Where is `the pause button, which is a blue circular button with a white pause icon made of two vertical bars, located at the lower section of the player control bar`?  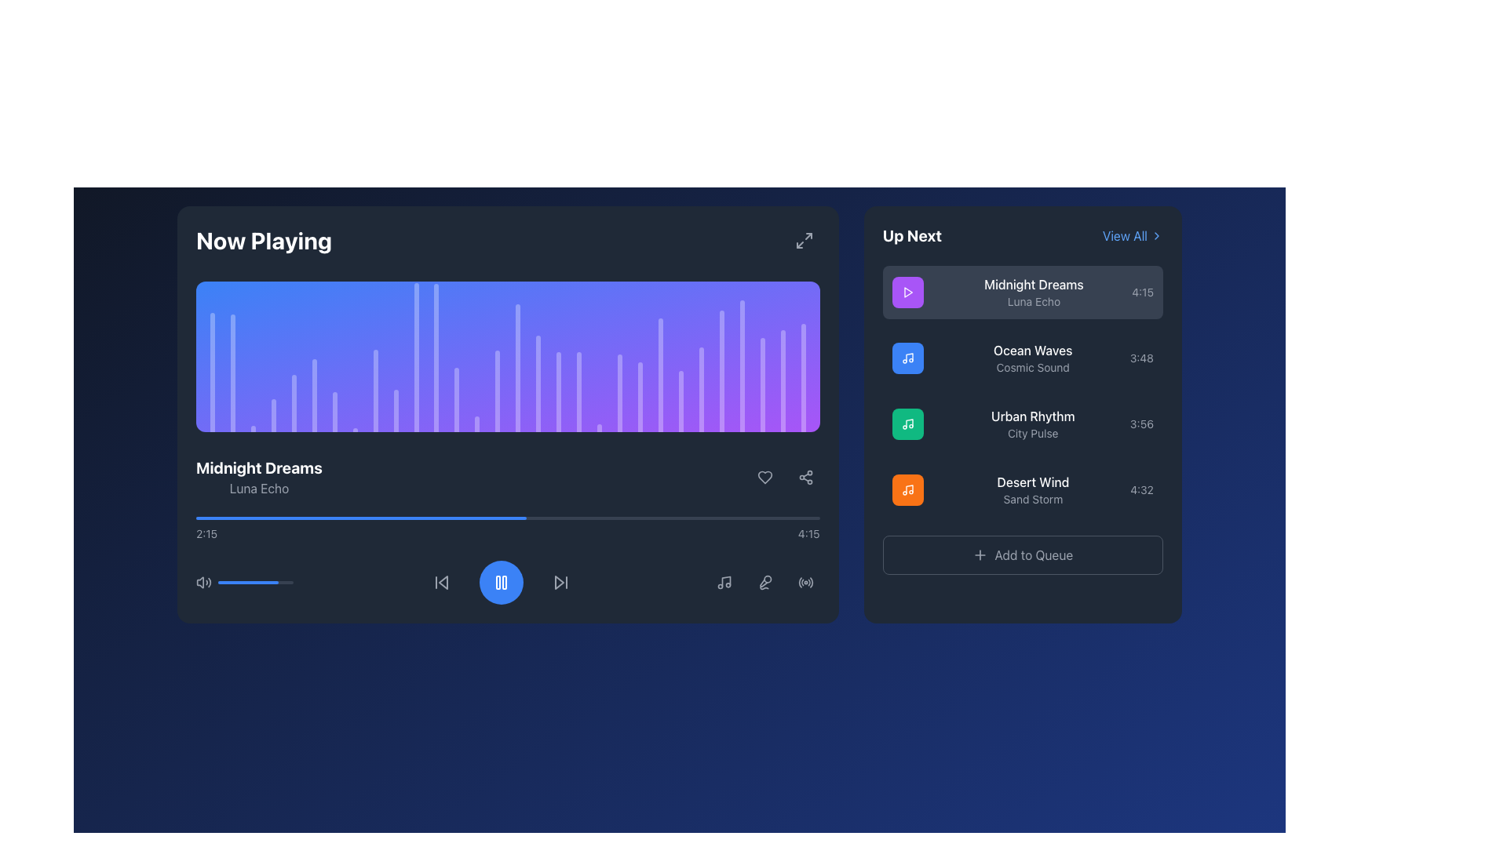
the pause button, which is a blue circular button with a white pause icon made of two vertical bars, located at the lower section of the player control bar is located at coordinates (501, 583).